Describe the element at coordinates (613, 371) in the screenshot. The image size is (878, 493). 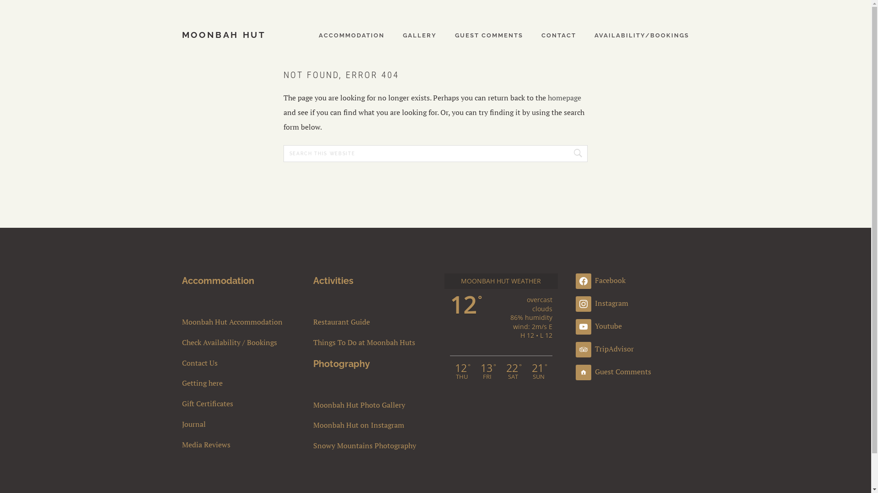
I see `'Guest Comments'` at that location.